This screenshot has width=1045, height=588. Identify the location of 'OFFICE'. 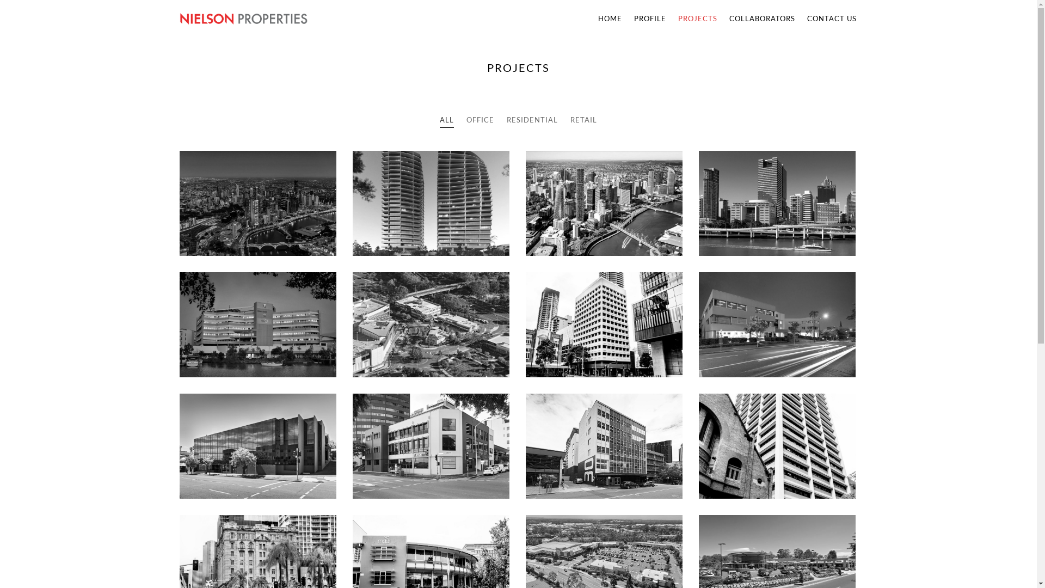
(480, 119).